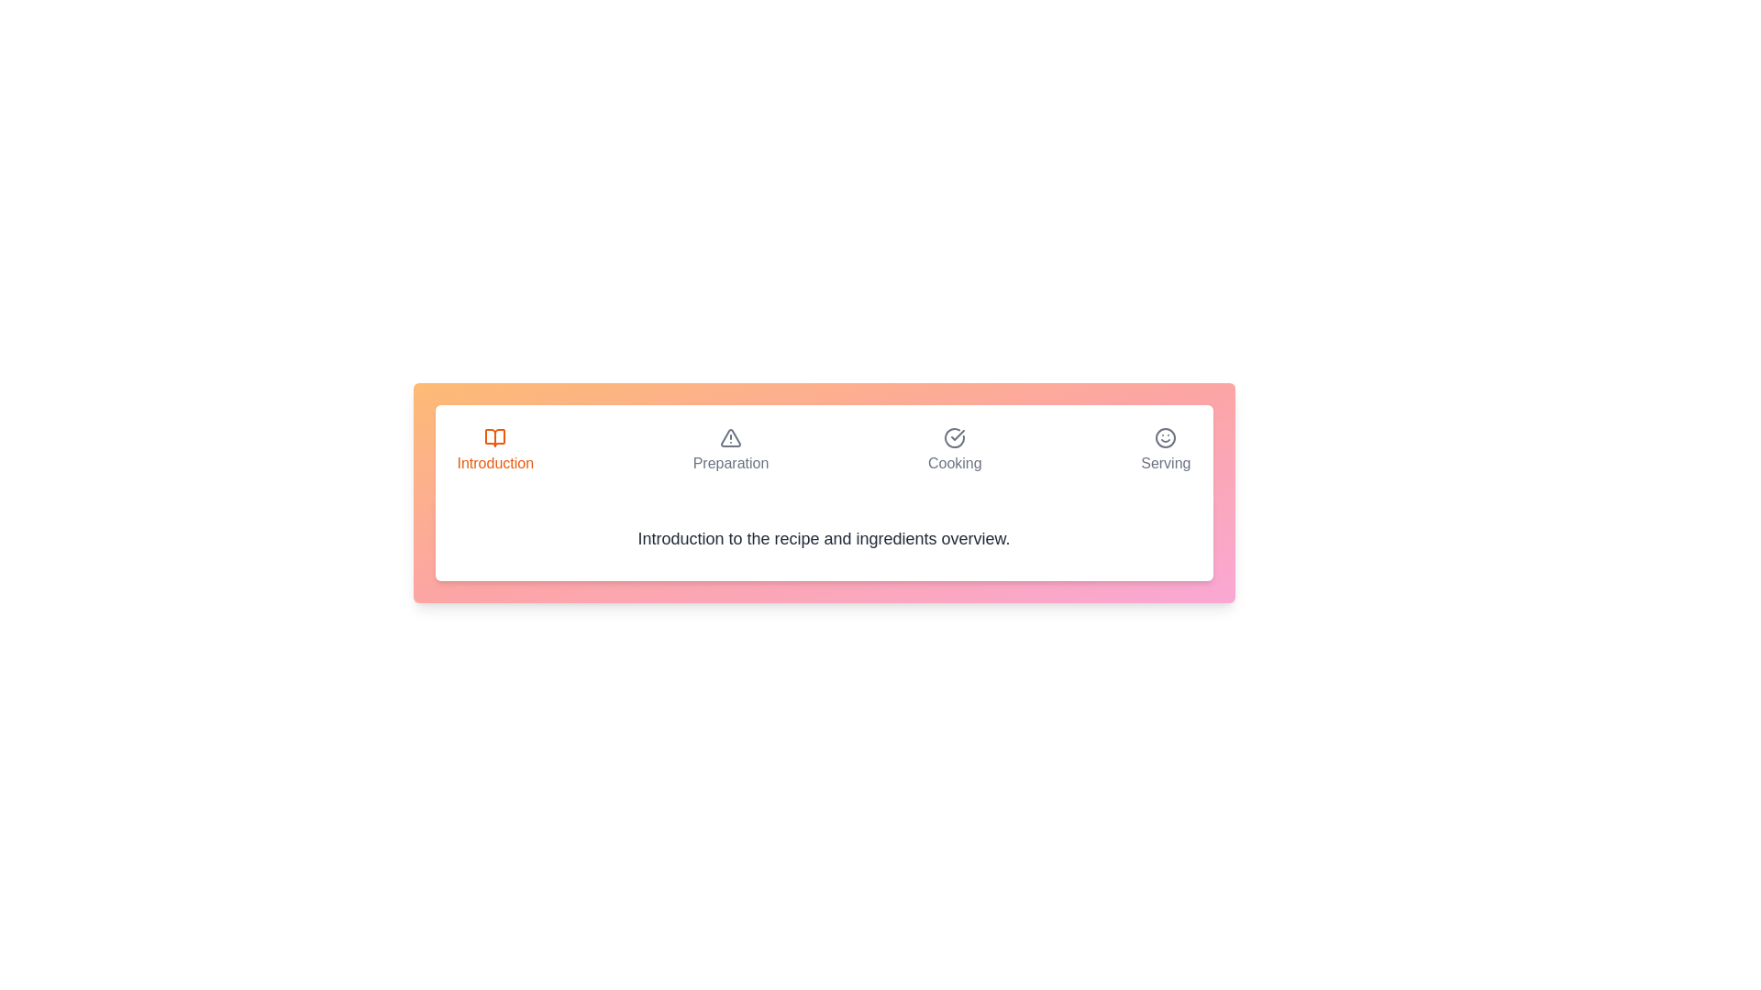 The image size is (1761, 990). I want to click on the tab labeled Introduction, so click(494, 451).